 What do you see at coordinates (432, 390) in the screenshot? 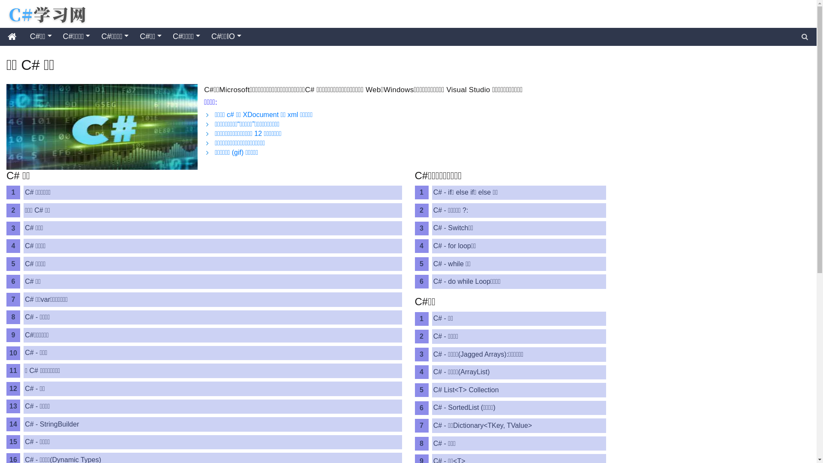
I see `'C# List<T> Collection'` at bounding box center [432, 390].